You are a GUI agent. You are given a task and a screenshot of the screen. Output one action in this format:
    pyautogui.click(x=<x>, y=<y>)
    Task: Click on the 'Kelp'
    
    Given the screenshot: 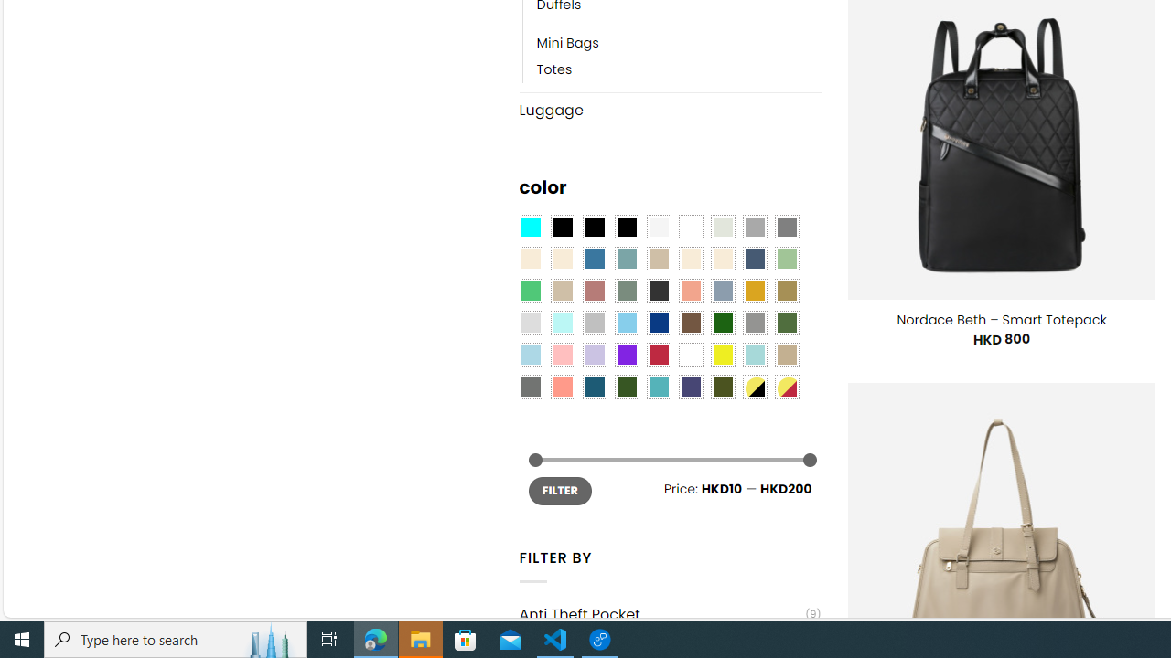 What is the action you would take?
    pyautogui.click(x=787, y=290)
    